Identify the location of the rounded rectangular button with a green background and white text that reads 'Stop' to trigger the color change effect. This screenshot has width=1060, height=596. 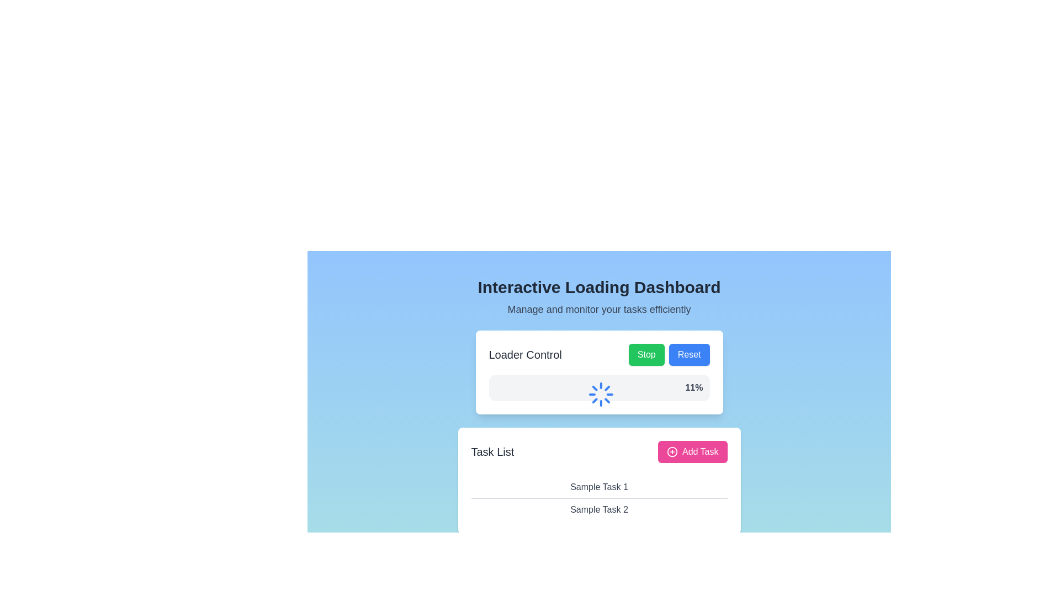
(646, 355).